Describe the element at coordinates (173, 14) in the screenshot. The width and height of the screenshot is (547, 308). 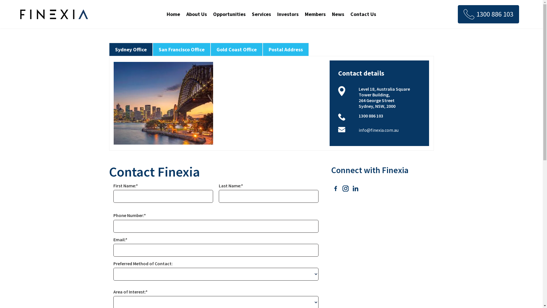
I see `'Home'` at that location.